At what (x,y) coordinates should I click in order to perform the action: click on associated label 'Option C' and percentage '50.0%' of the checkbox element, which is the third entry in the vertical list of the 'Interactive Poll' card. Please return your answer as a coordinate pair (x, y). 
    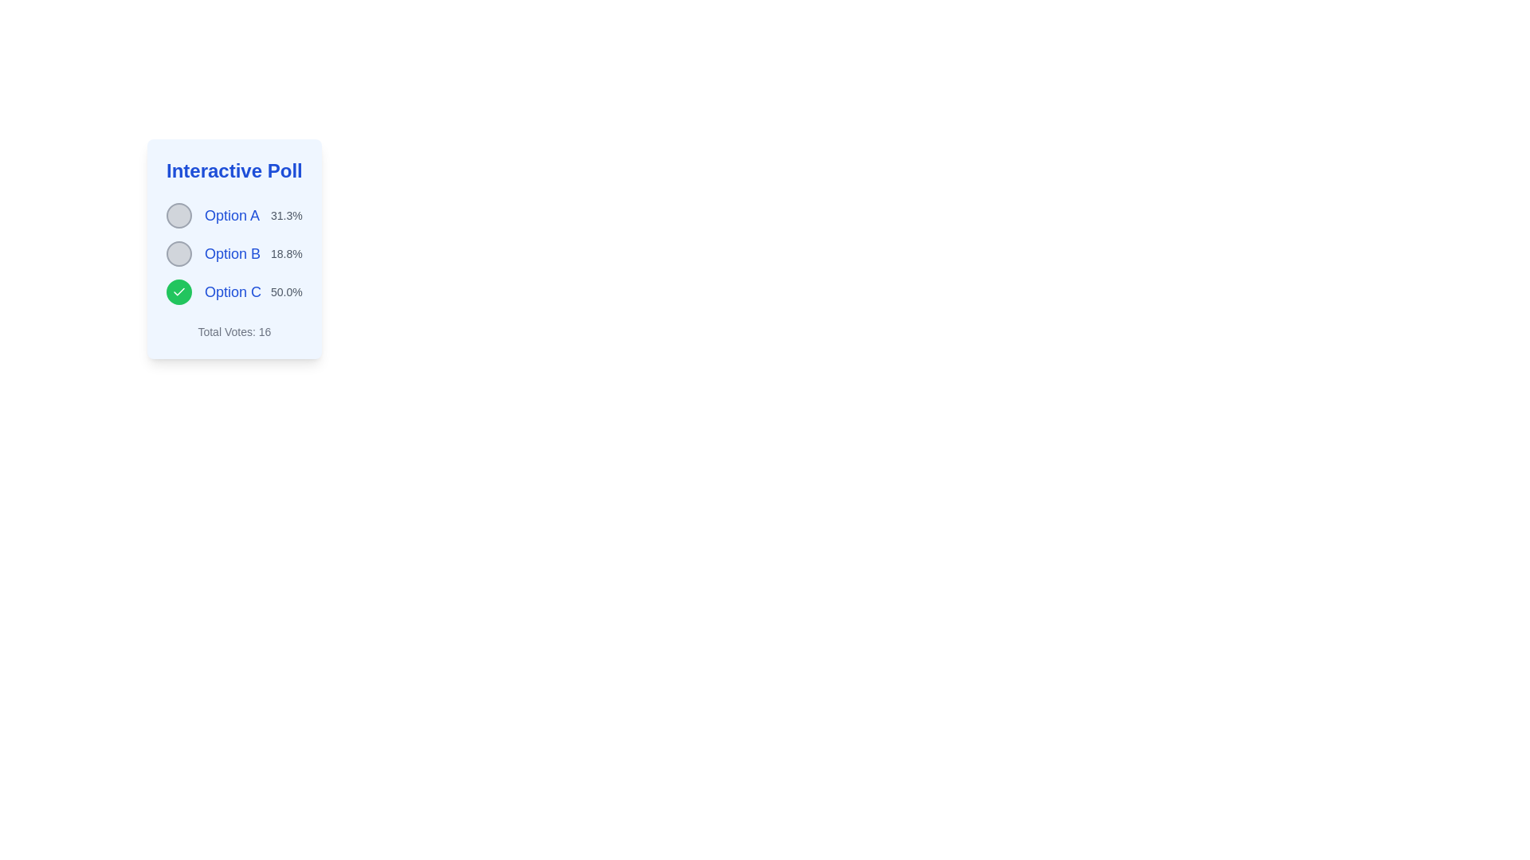
    Looking at the image, I should click on (233, 291).